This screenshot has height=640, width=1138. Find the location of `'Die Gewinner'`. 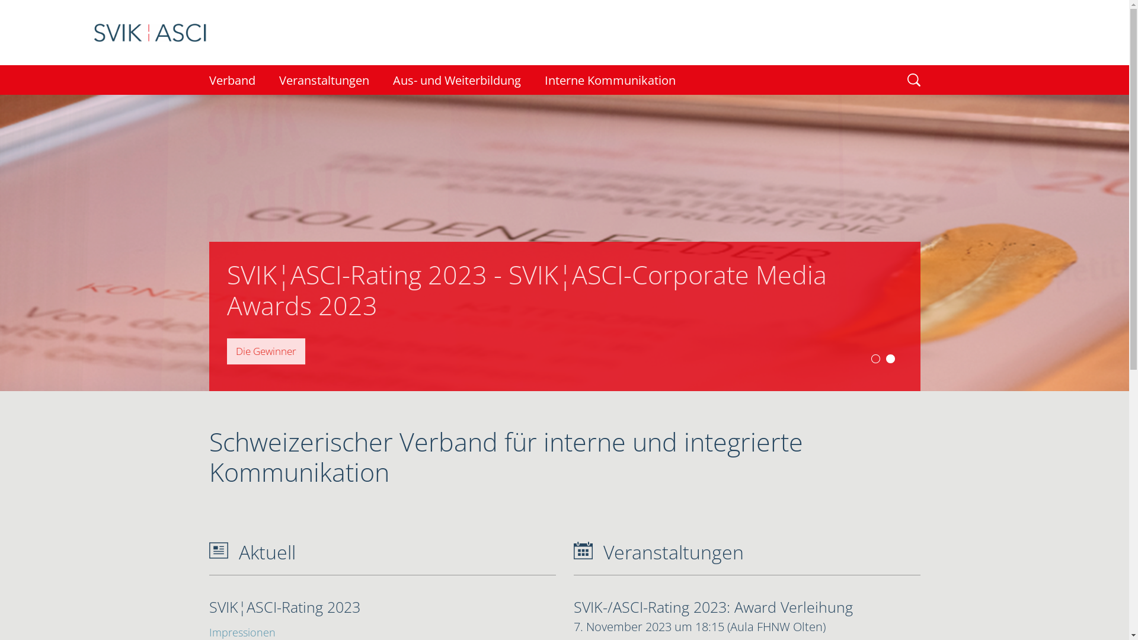

'Die Gewinner' is located at coordinates (264, 351).